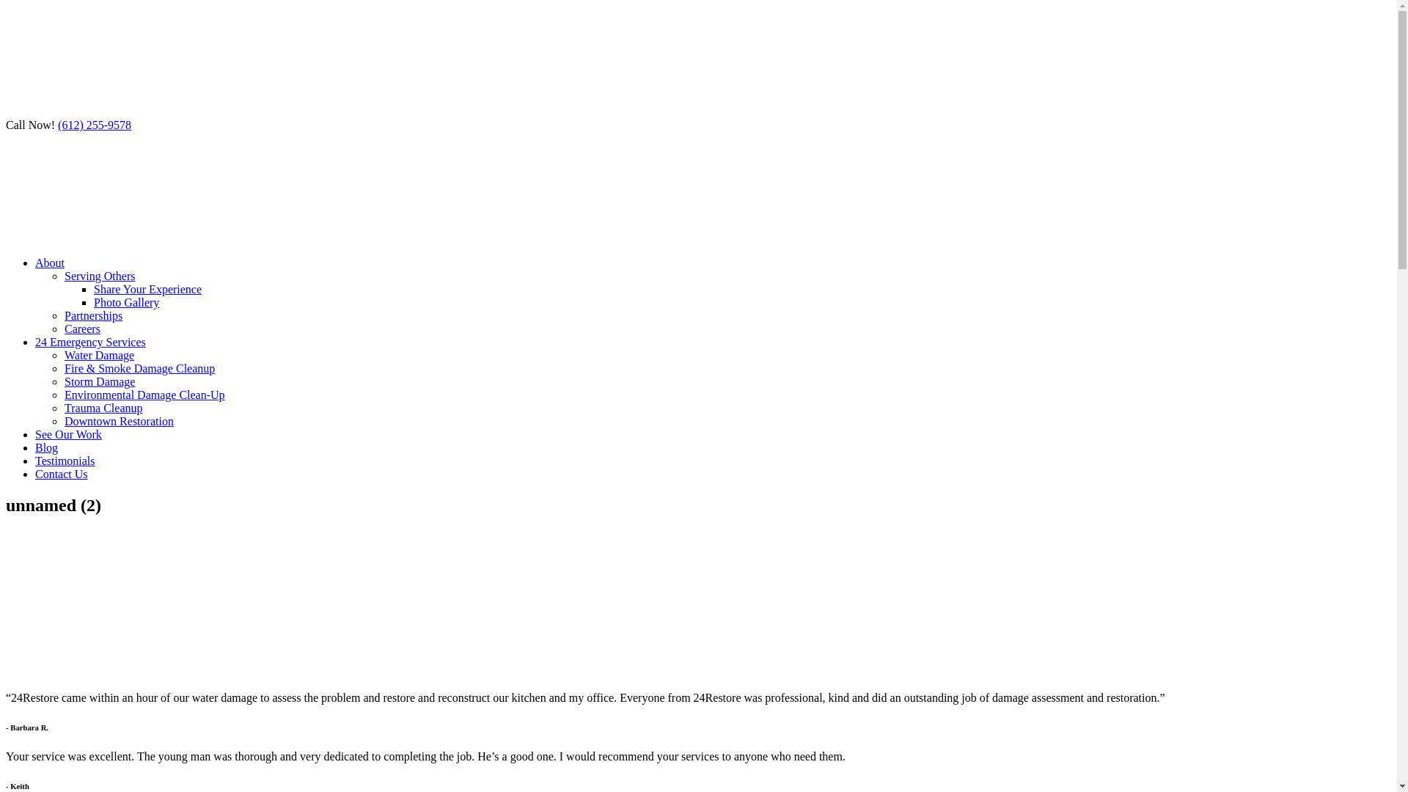 The height and width of the screenshot is (792, 1408). Describe the element at coordinates (98, 381) in the screenshot. I see `'Storm Damage'` at that location.